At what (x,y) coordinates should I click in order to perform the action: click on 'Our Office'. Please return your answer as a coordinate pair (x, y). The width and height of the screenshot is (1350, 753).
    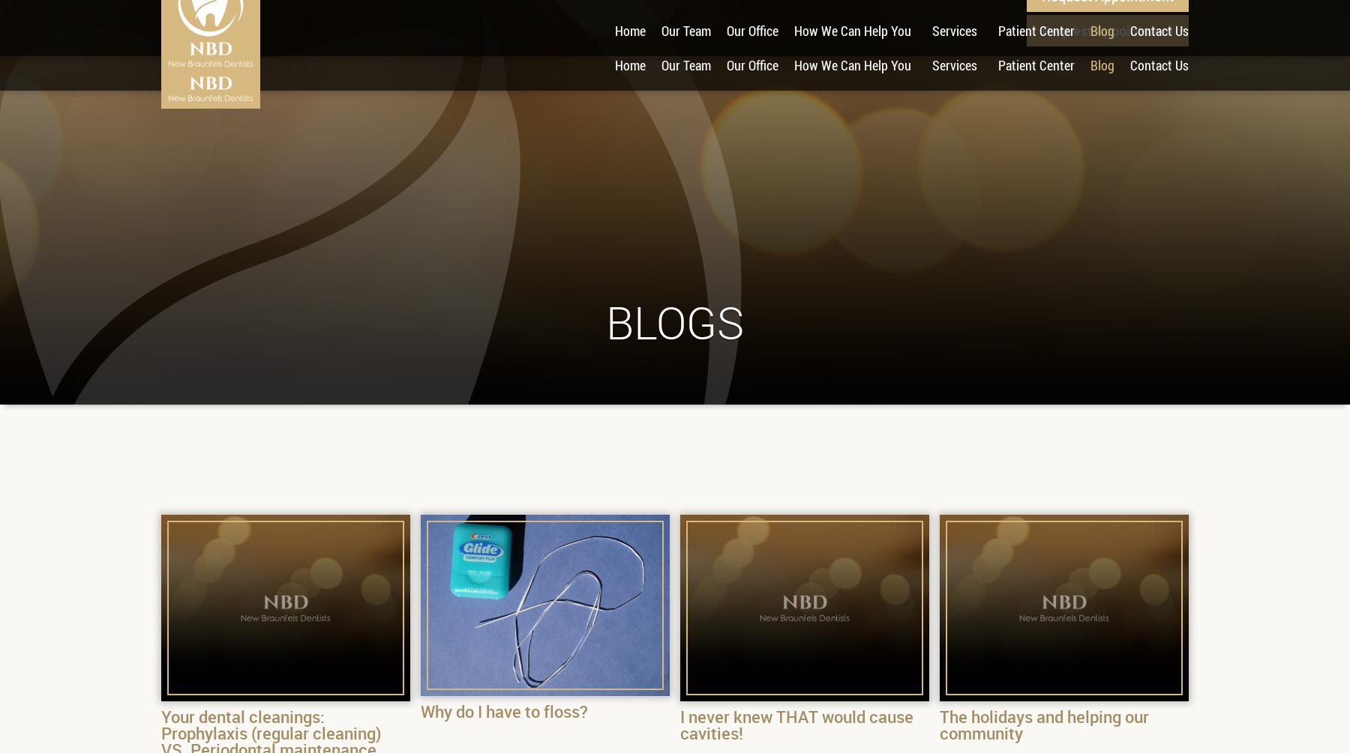
    Looking at the image, I should click on (725, 65).